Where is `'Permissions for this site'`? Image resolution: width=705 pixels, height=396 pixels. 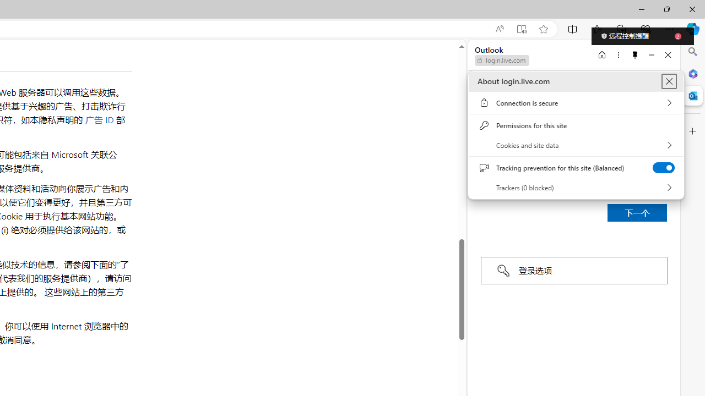 'Permissions for this site' is located at coordinates (576, 125).